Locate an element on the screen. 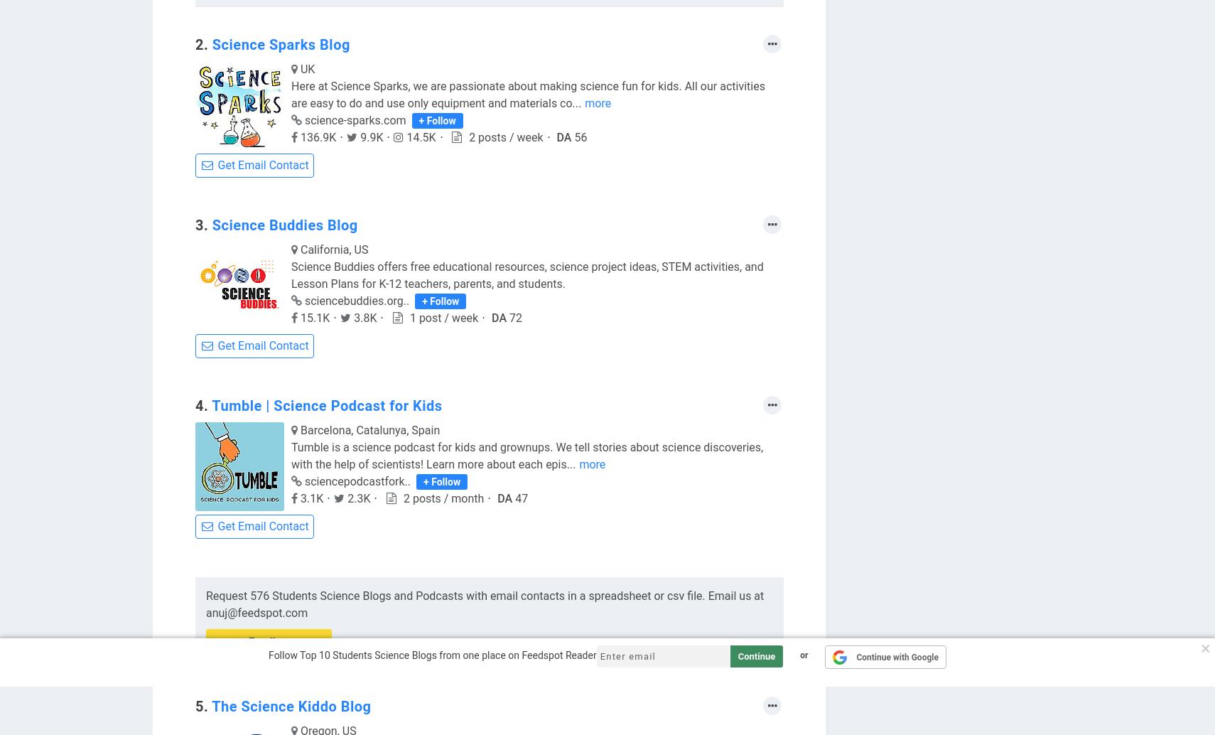 The width and height of the screenshot is (1215, 735). 'Science Buddies offers free educational resources, science project ideas, STEM activities, and Lesson Plans for K-12 teachers, parents, and students.' is located at coordinates (526, 274).